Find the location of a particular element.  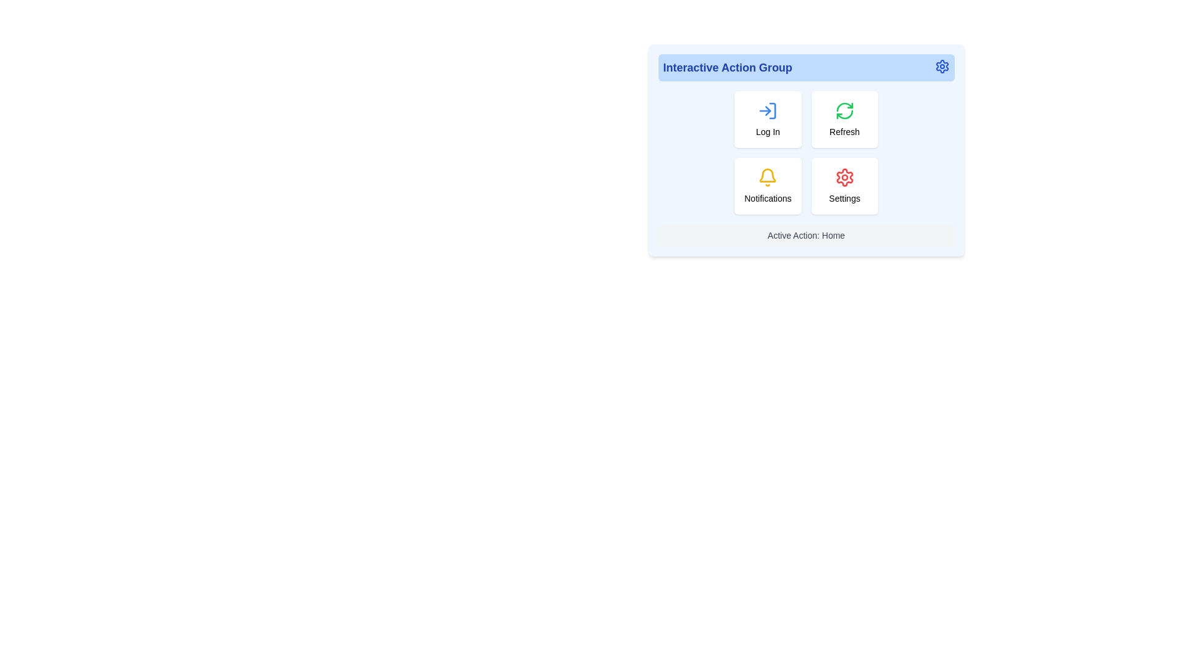

the triangular arrowhead element within the 'Log In' icon, which is positioned centrally and indicates entry is located at coordinates (768, 111).